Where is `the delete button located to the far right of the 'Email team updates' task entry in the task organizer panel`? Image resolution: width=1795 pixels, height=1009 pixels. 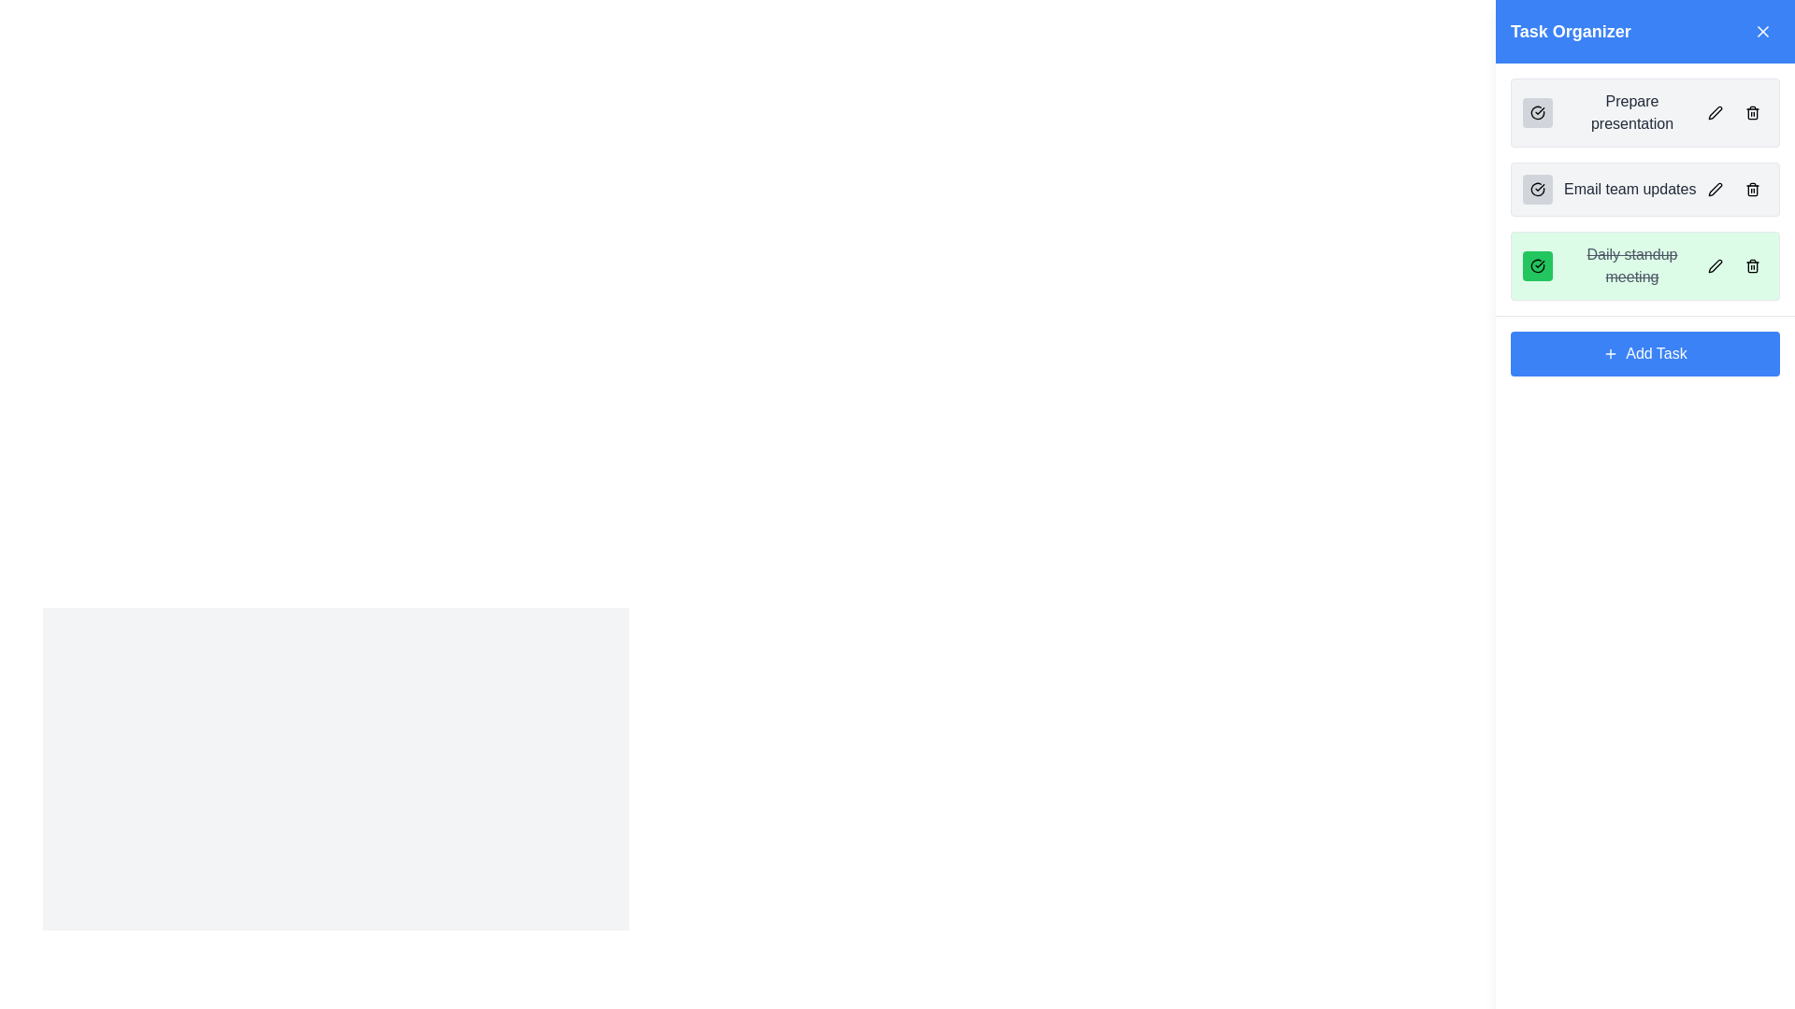
the delete button located to the far right of the 'Email team updates' task entry in the task organizer panel is located at coordinates (1752, 190).